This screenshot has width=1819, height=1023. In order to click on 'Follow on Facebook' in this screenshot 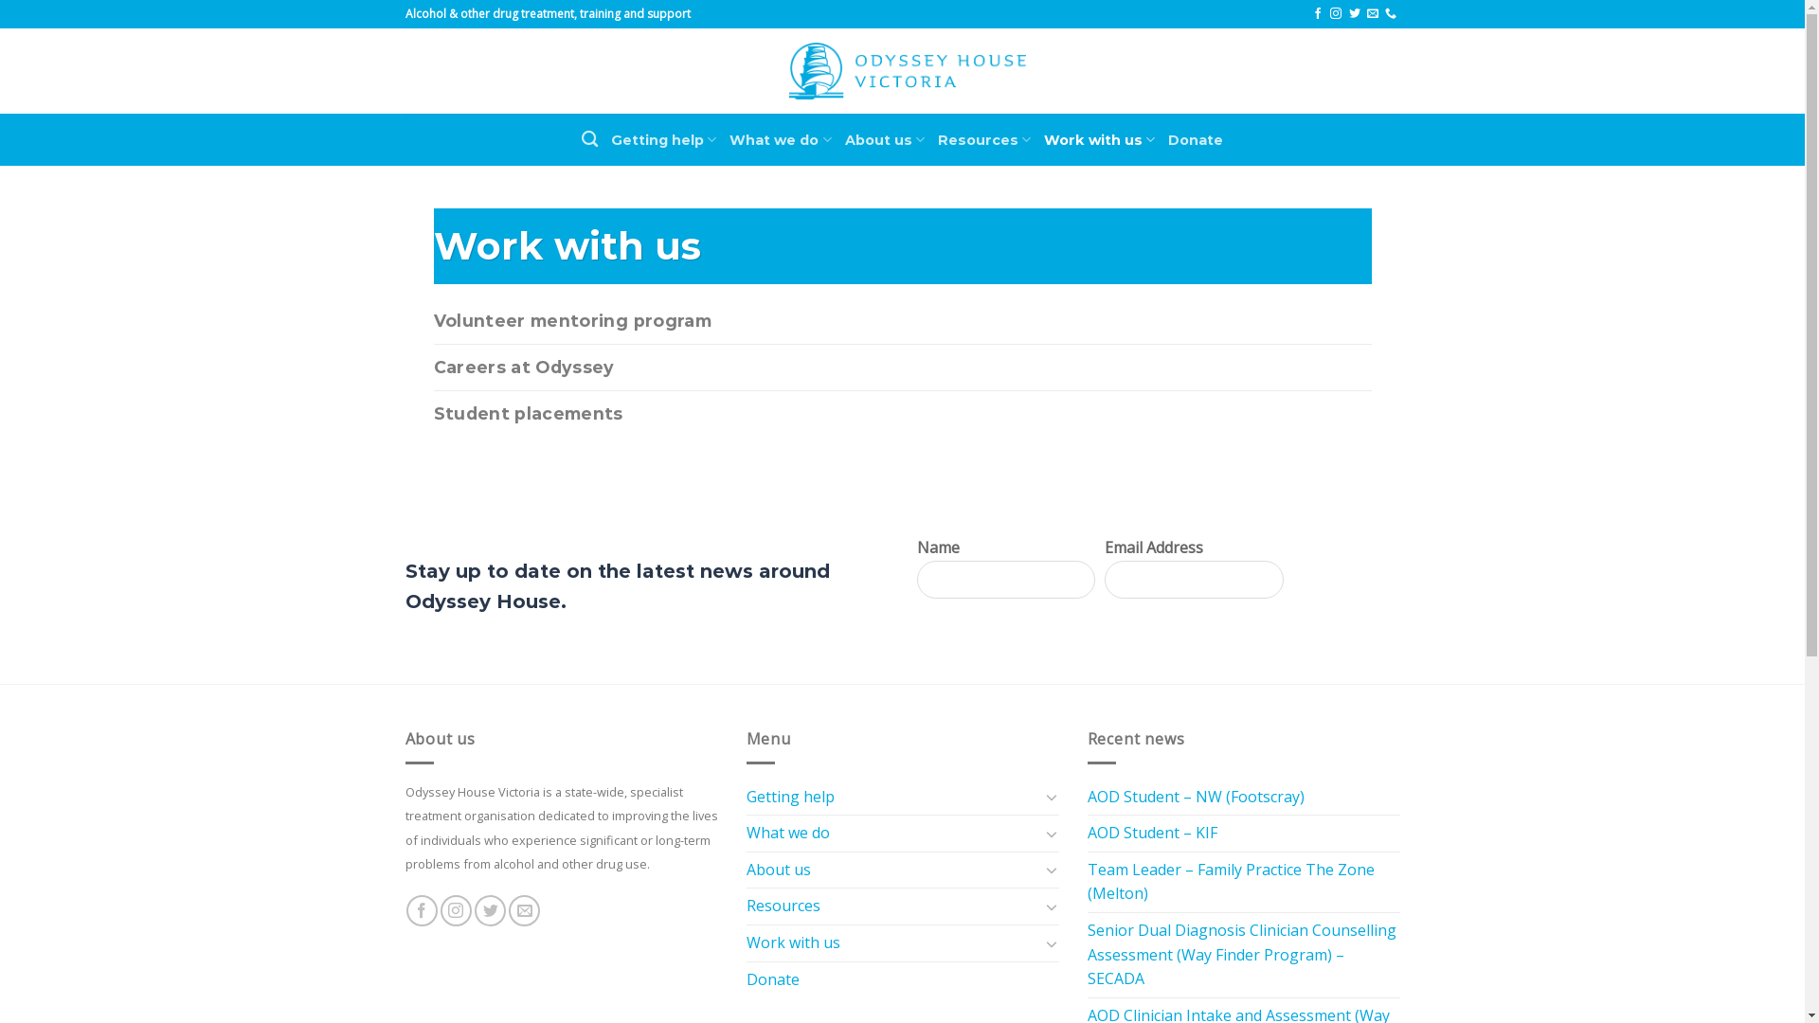, I will do `click(421, 909)`.